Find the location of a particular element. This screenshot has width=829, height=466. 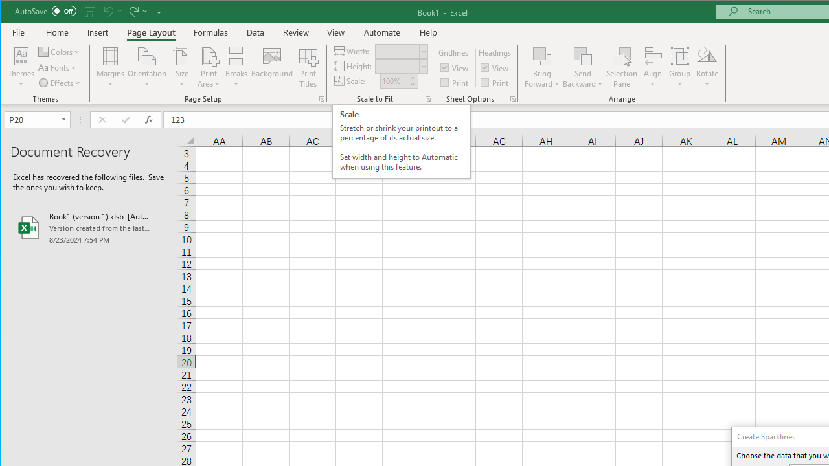

'Group' is located at coordinates (679, 67).